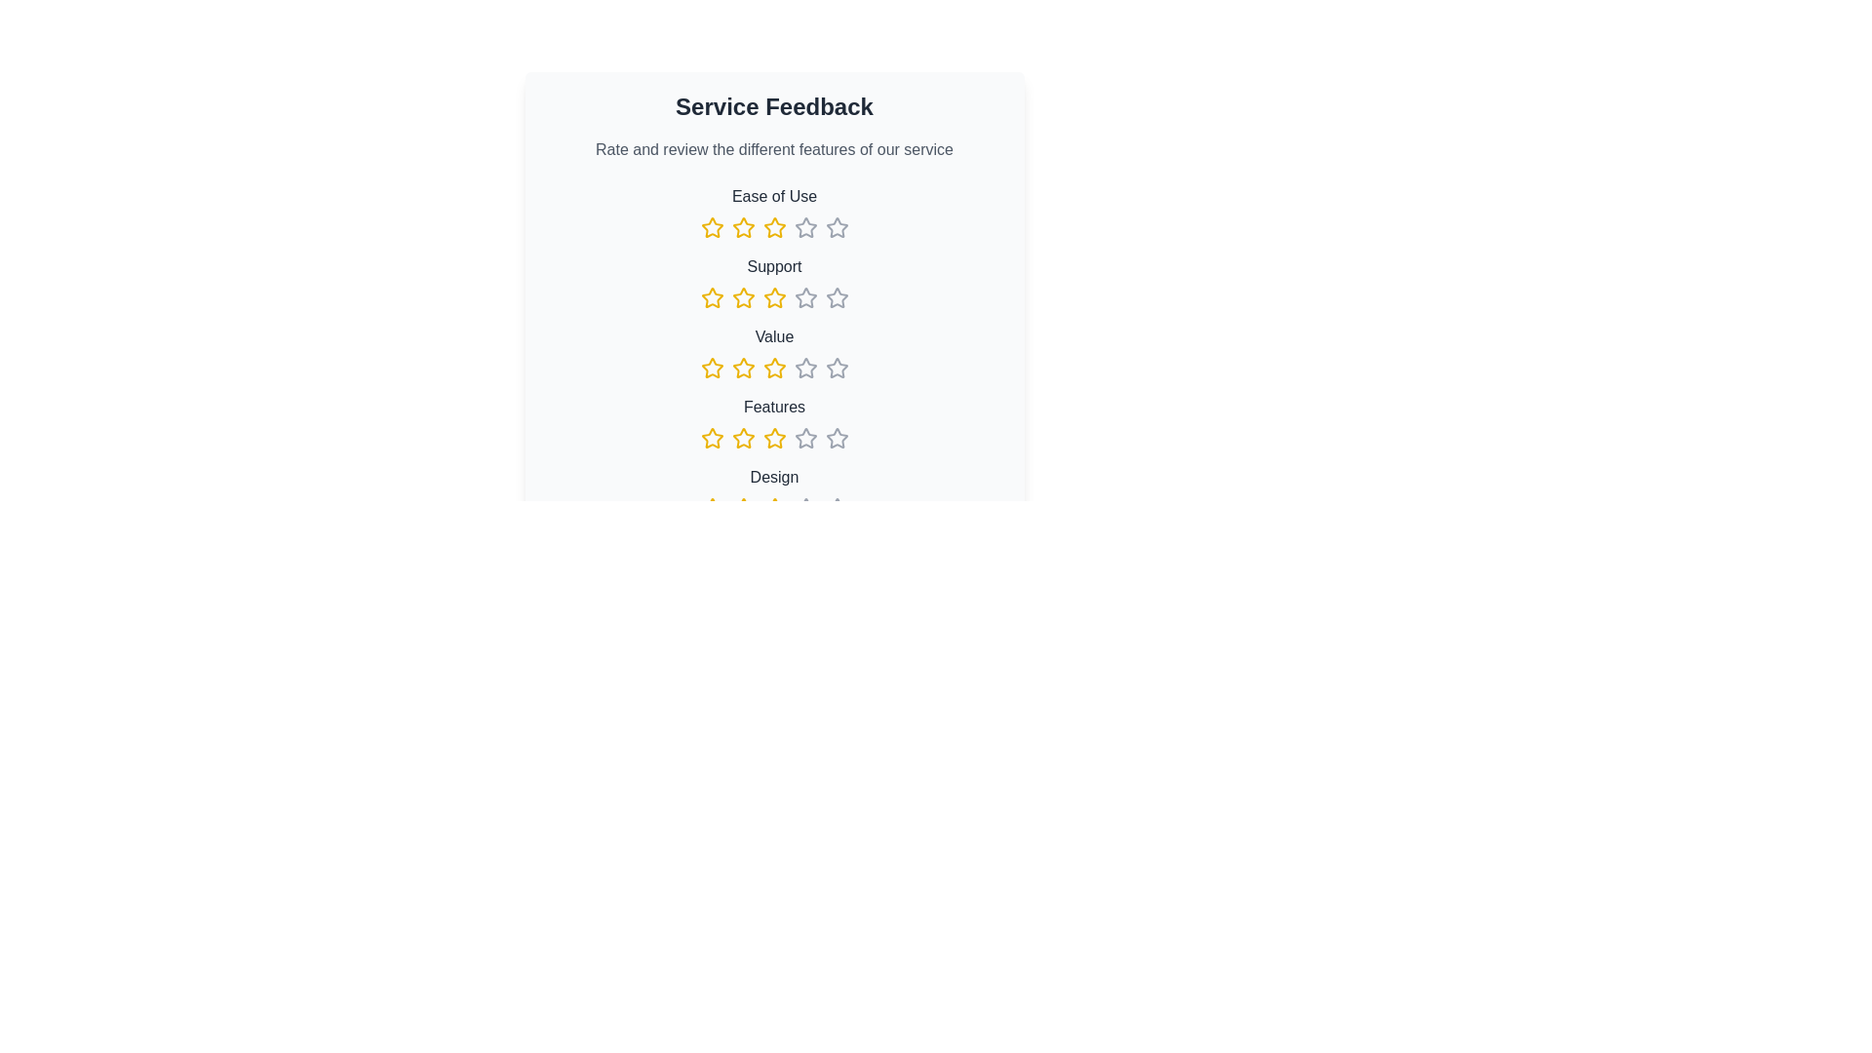 The height and width of the screenshot is (1053, 1872). I want to click on the heading element that labels the feedback section, which is positioned above the descriptive text 'Rate and review the different features of our service', so click(773, 107).